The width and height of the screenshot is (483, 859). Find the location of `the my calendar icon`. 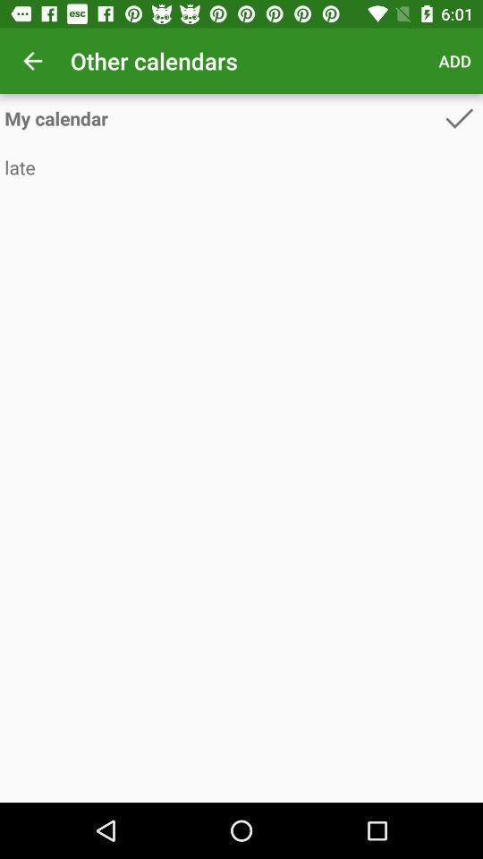

the my calendar icon is located at coordinates (222, 117).